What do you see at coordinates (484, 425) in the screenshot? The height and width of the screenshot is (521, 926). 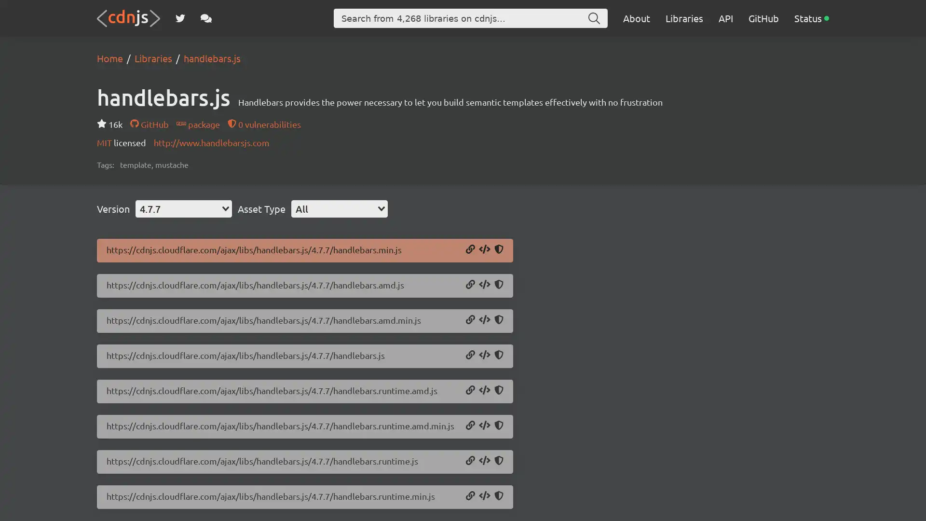 I see `Copy Script Tag` at bounding box center [484, 425].